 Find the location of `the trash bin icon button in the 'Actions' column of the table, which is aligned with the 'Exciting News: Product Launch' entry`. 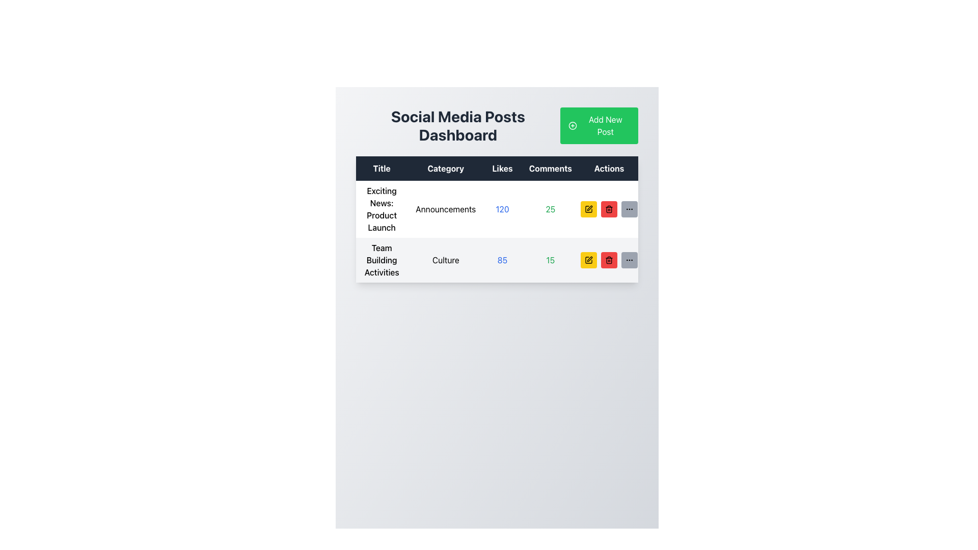

the trash bin icon button in the 'Actions' column of the table, which is aligned with the 'Exciting News: Product Launch' entry is located at coordinates (609, 209).